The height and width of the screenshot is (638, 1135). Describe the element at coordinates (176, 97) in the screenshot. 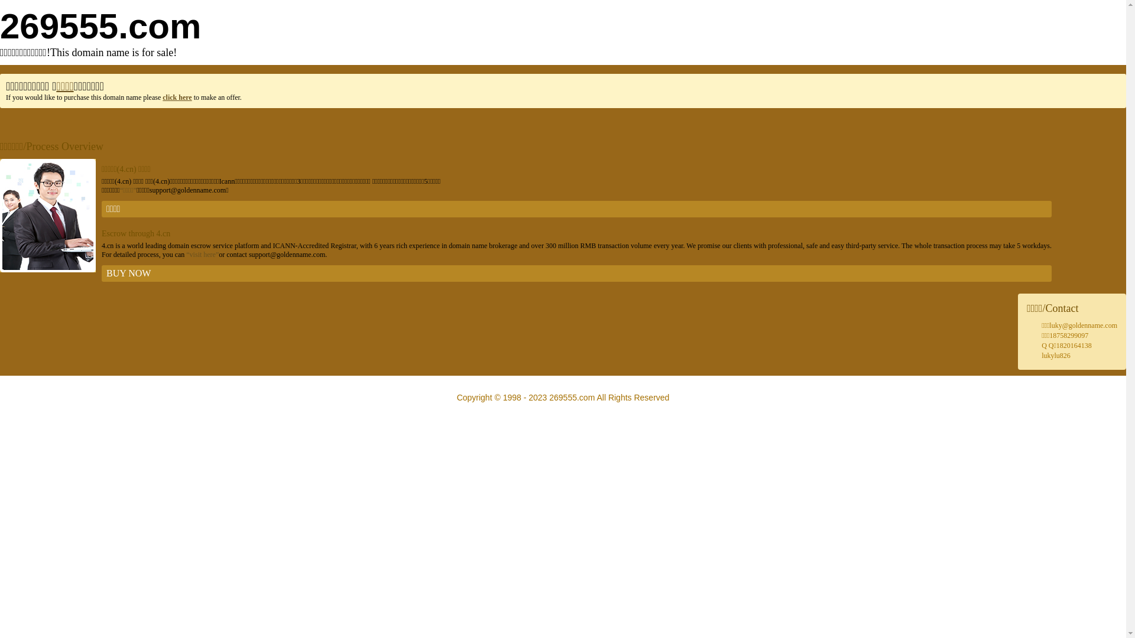

I see `'click here'` at that location.